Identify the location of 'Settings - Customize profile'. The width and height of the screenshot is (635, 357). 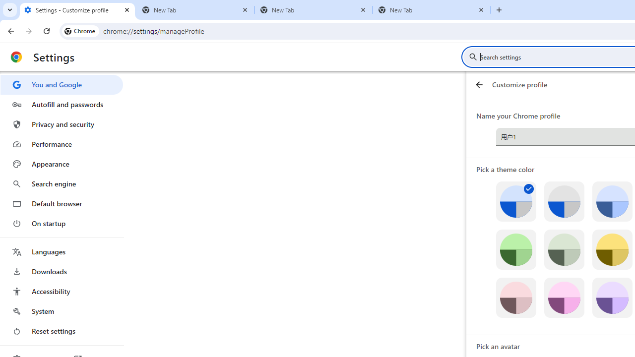
(77, 10).